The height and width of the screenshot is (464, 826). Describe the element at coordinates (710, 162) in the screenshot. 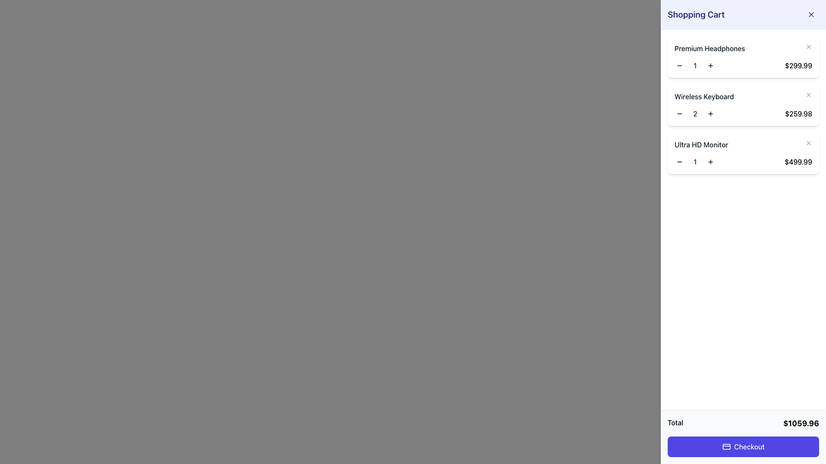

I see `the circular button with a plus icon for quantity adjustment in the Ultra HD Monitor item section` at that location.